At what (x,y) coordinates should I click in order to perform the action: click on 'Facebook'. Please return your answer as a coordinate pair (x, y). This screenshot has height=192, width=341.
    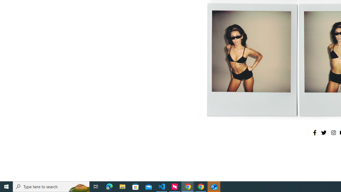
    Looking at the image, I should click on (315, 132).